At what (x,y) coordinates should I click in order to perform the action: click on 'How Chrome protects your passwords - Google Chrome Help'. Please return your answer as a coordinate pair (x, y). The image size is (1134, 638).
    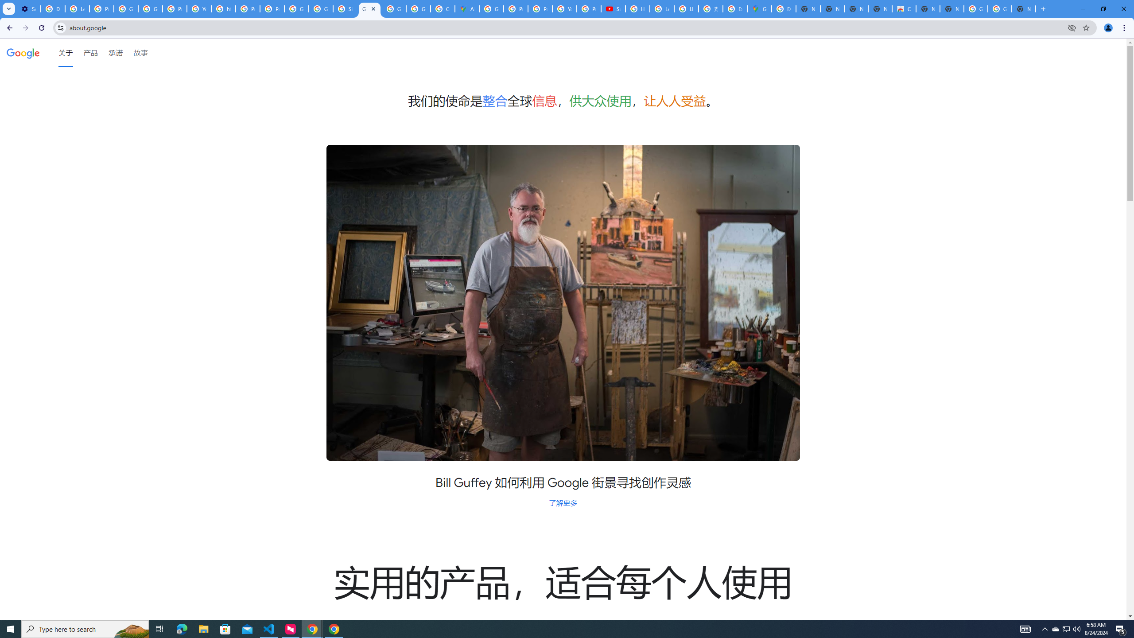
    Looking at the image, I should click on (637, 8).